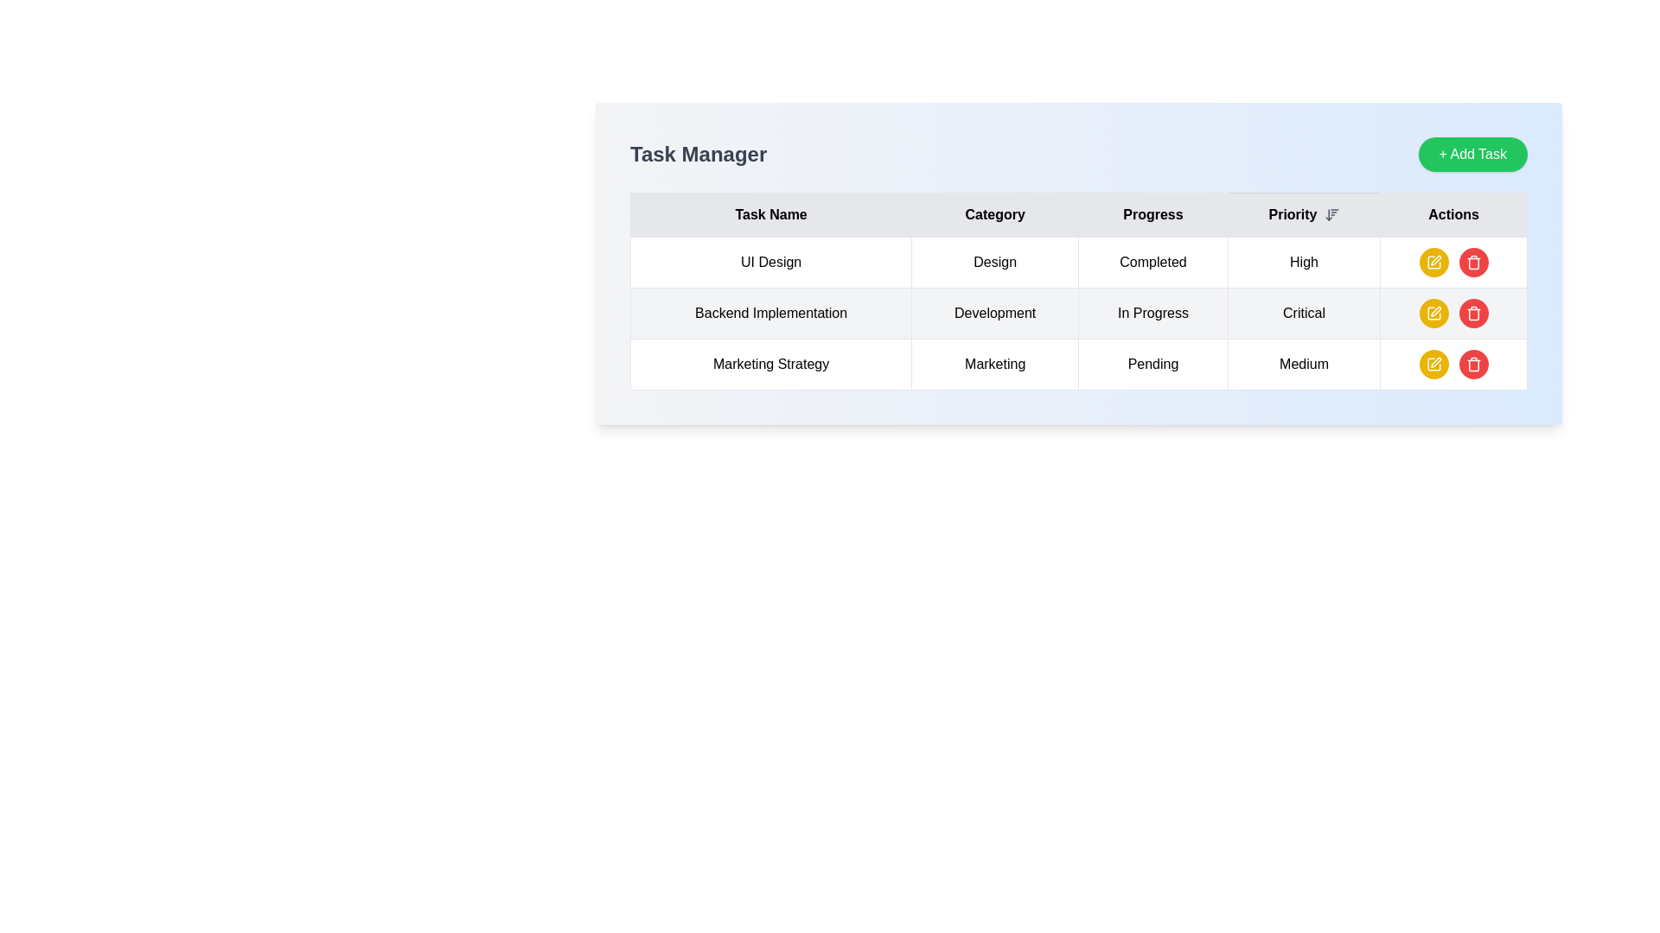 This screenshot has height=933, width=1660. Describe the element at coordinates (995, 363) in the screenshot. I see `the 'Marketing' text display cell in the second column of the table under the header Category, which corresponds to the task 'Marketing Strategy'` at that location.